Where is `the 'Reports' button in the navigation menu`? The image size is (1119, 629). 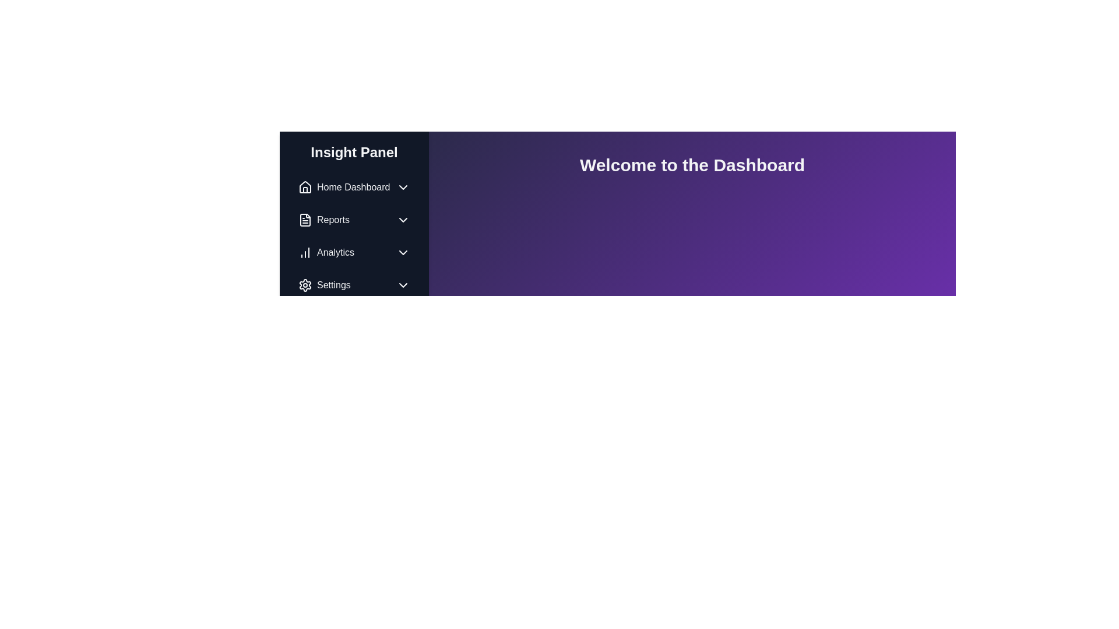
the 'Reports' button in the navigation menu is located at coordinates (354, 220).